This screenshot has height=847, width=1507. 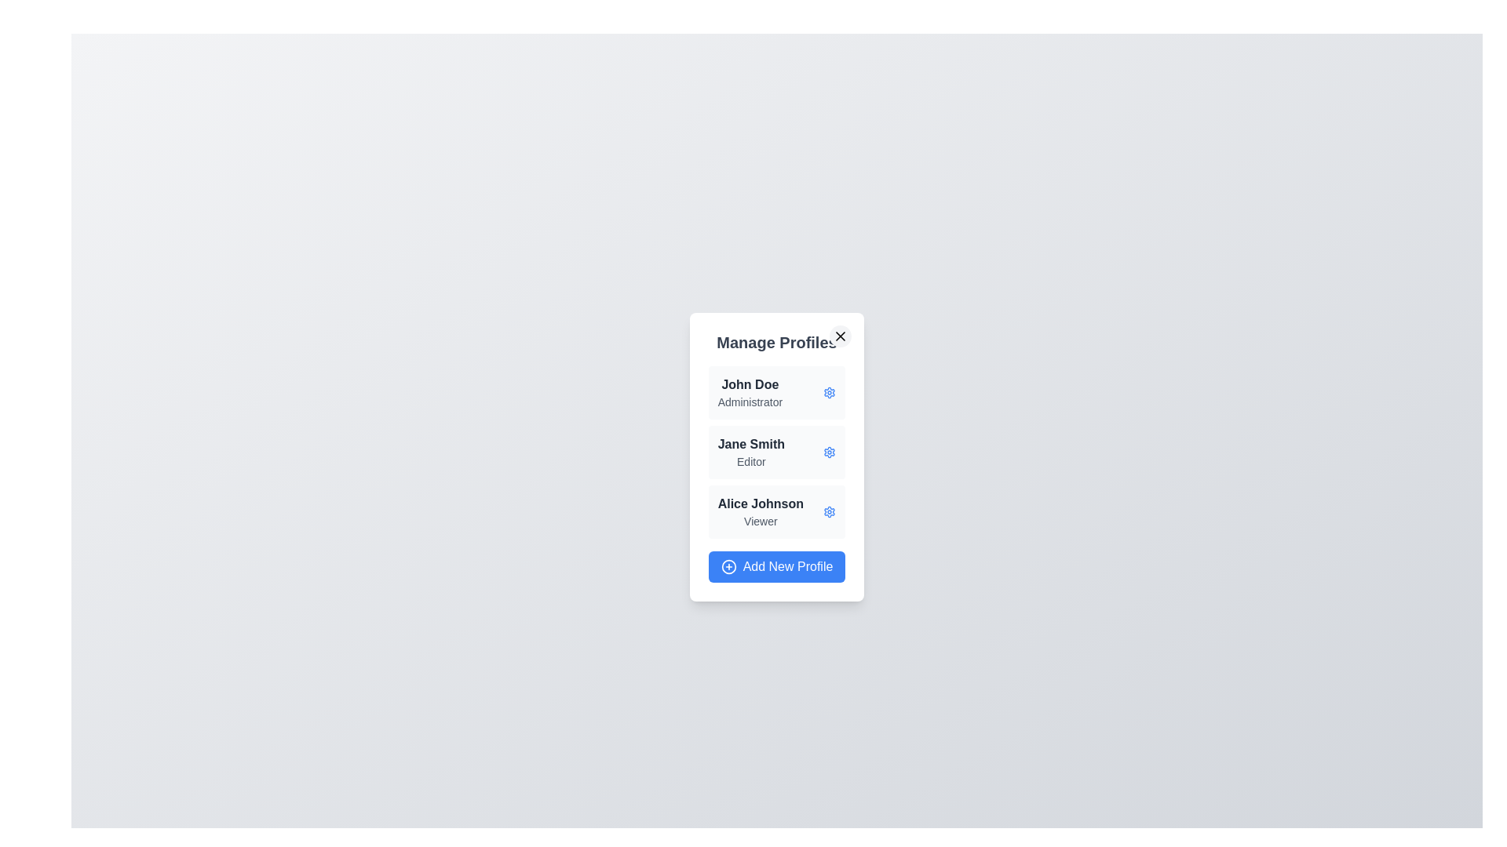 I want to click on 'X' button in the top-right corner of the dialog to close it, so click(x=840, y=335).